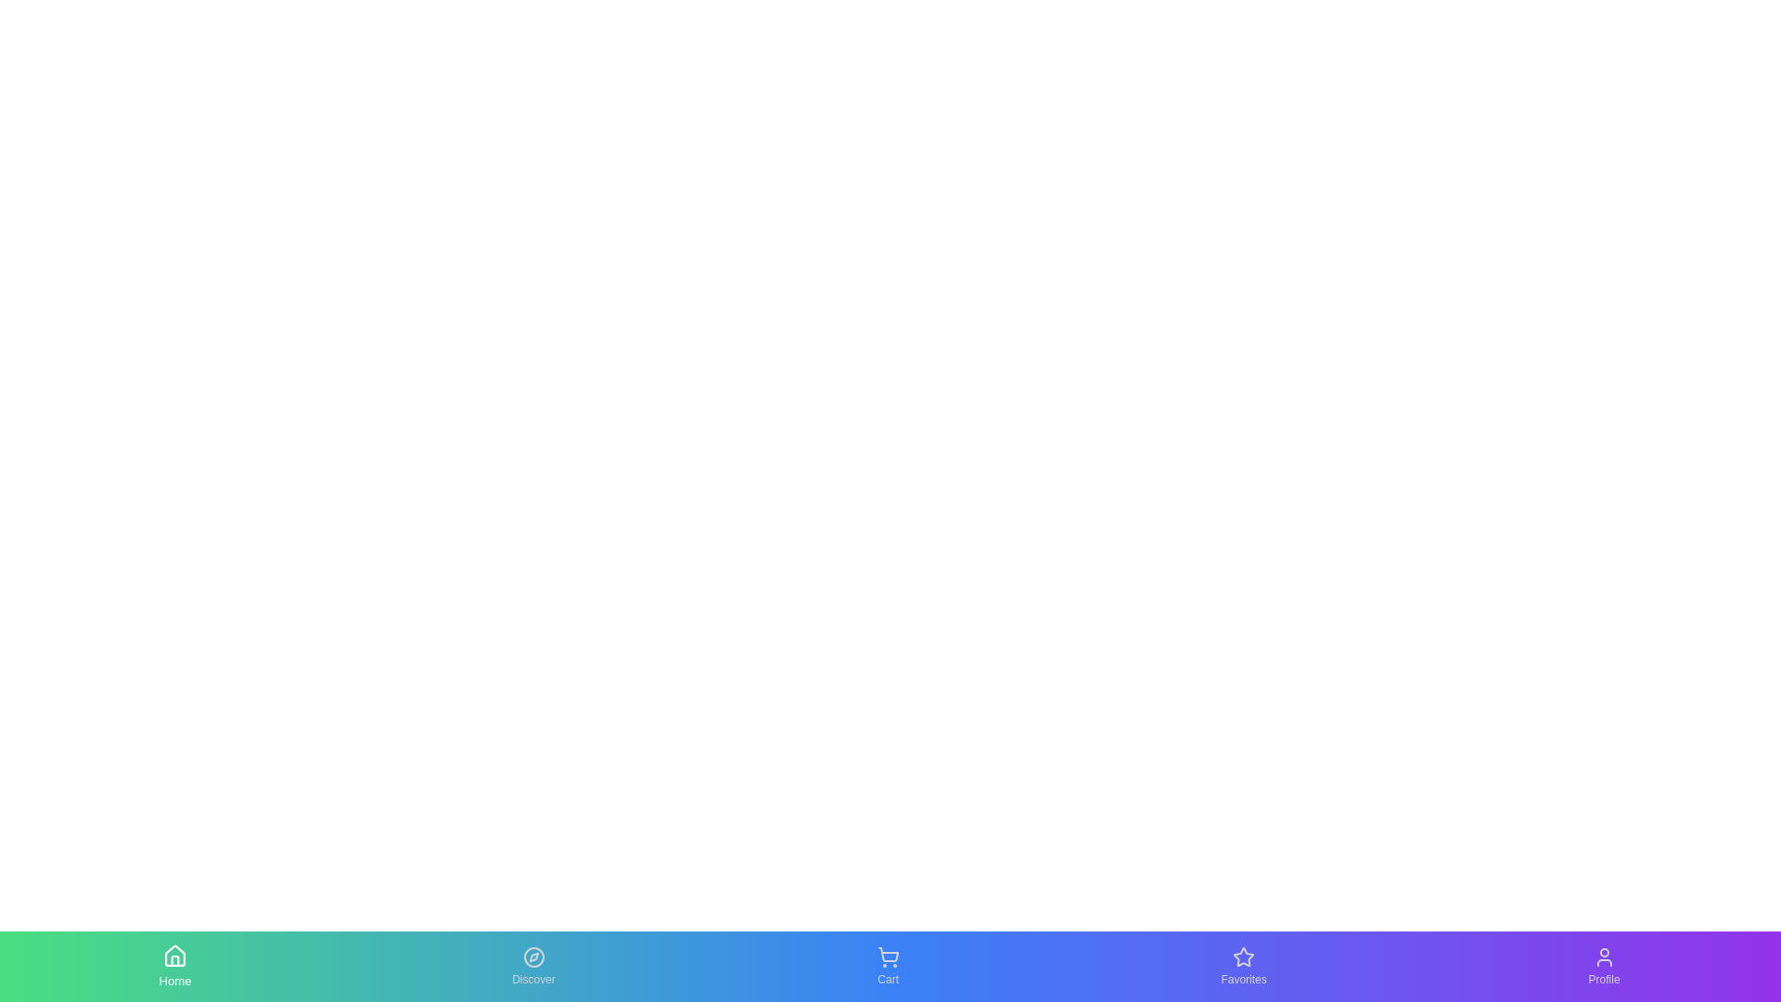  Describe the element at coordinates (1243, 965) in the screenshot. I see `the Favorites tab by clicking on its icon or label` at that location.